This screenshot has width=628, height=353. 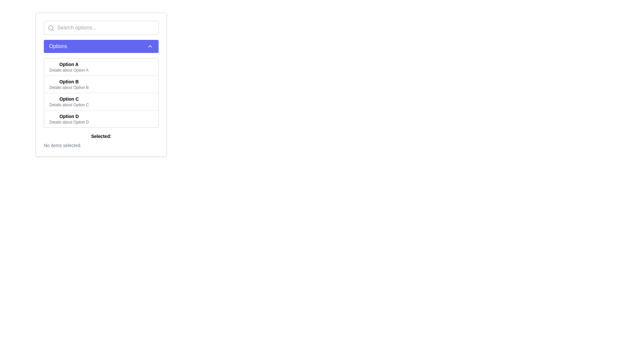 I want to click on to select the first option 'Option A' in the dropdown menu titled 'Options', so click(x=69, y=67).